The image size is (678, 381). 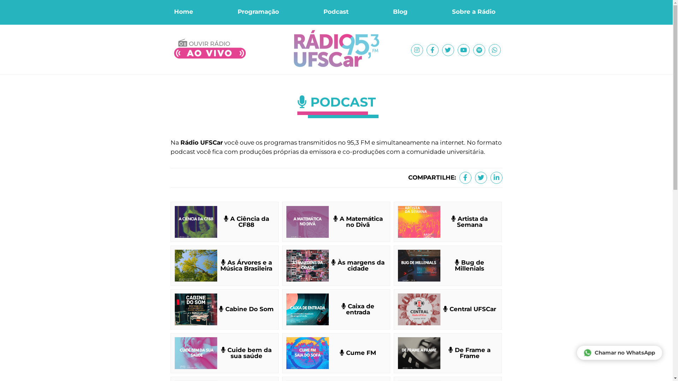 What do you see at coordinates (496, 177) in the screenshot?
I see `'Linkedin'` at bounding box center [496, 177].